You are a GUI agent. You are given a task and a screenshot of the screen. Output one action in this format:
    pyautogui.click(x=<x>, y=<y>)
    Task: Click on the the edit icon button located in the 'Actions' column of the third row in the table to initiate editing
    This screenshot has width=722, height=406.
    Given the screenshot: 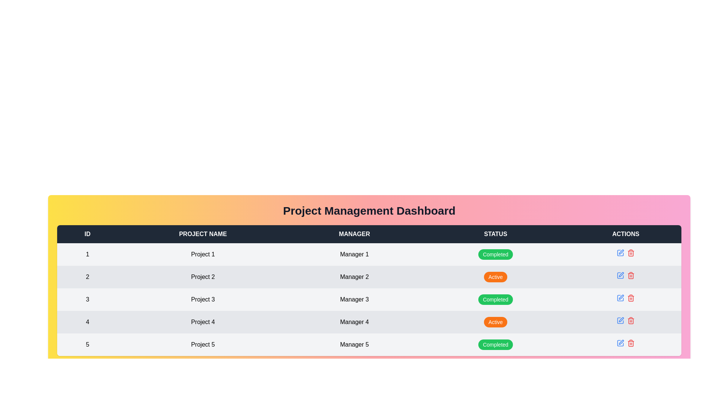 What is the action you would take?
    pyautogui.click(x=620, y=298)
    